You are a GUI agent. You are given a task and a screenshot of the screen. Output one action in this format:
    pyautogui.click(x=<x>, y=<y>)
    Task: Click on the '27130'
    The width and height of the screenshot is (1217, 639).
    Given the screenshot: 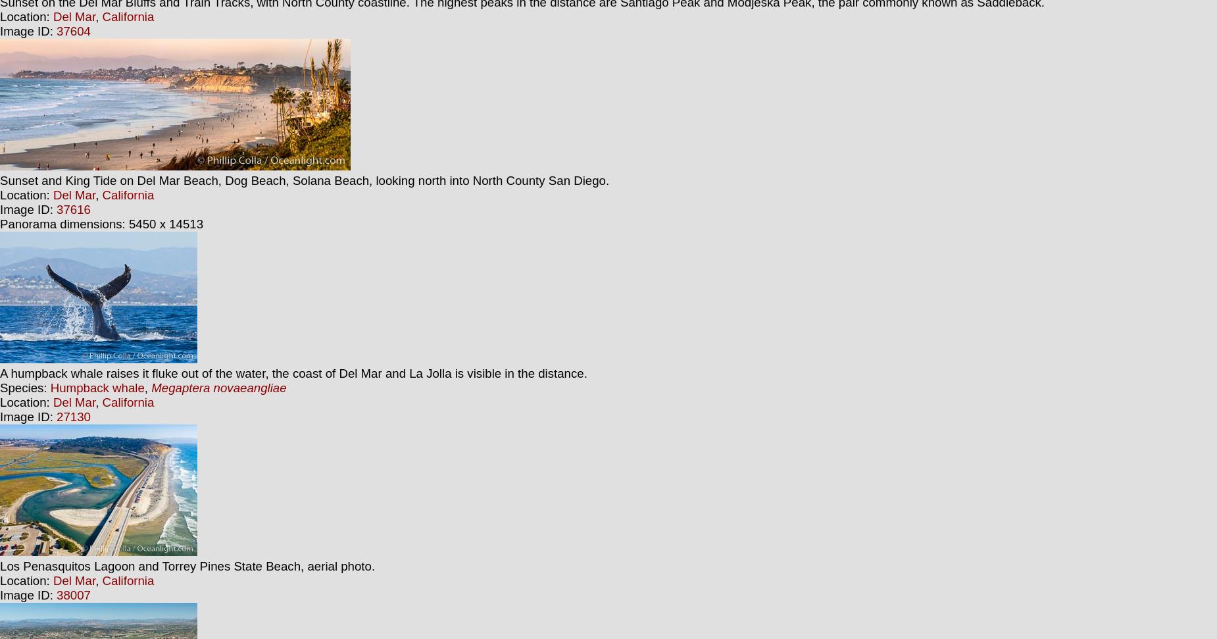 What is the action you would take?
    pyautogui.click(x=72, y=416)
    